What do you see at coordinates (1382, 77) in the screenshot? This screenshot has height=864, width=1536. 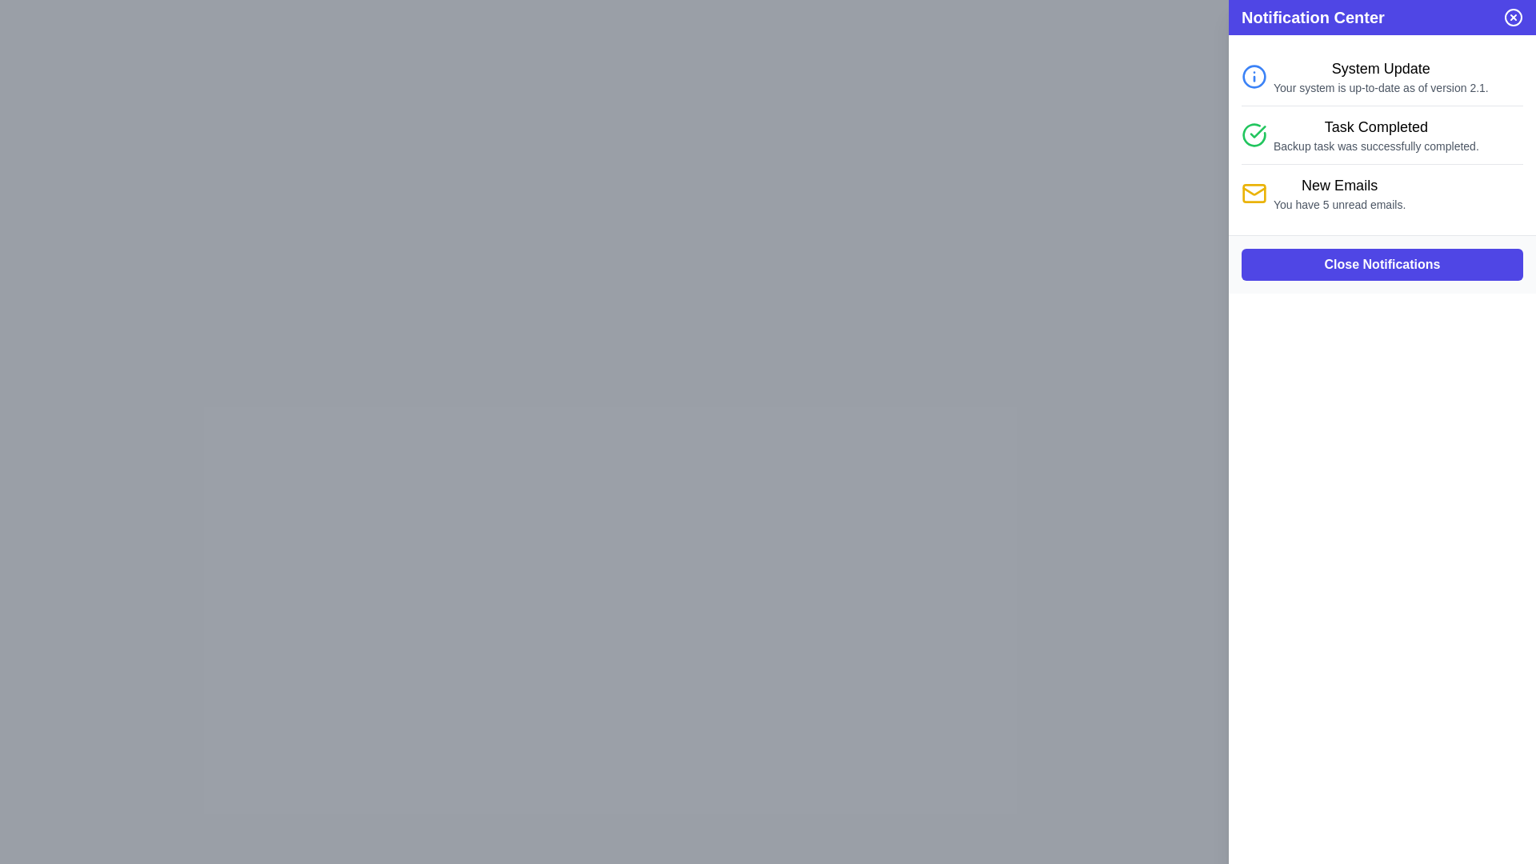 I see `the notification item in the Notification Center` at bounding box center [1382, 77].